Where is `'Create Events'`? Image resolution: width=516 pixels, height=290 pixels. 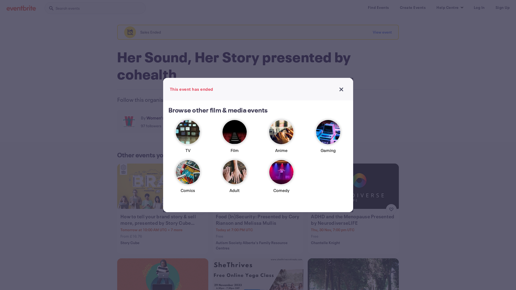
'Create Events' is located at coordinates (413, 7).